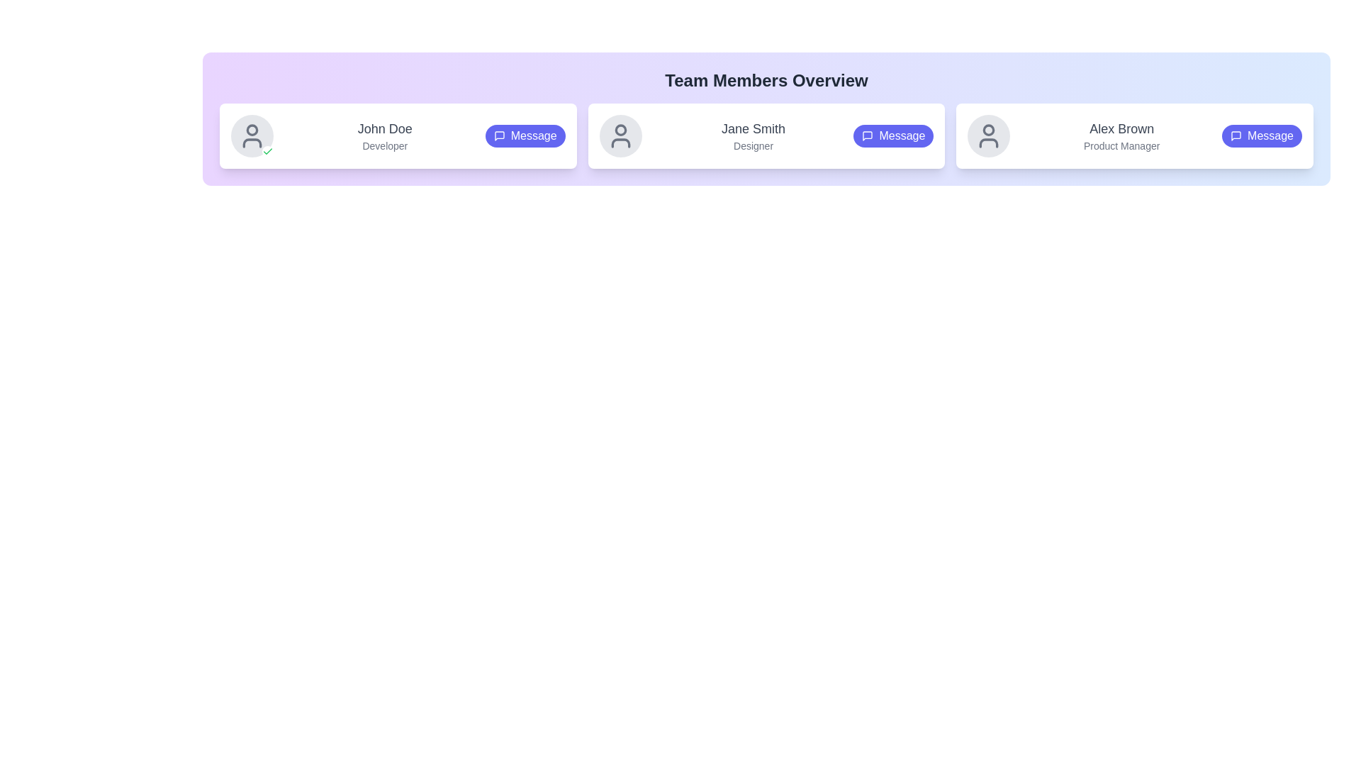 This screenshot has width=1361, height=766. Describe the element at coordinates (988, 130) in the screenshot. I see `the circular SVG graphical element representing the head of the user avatar icon for 'Alex Brown' located at the top-right section of the interface` at that location.